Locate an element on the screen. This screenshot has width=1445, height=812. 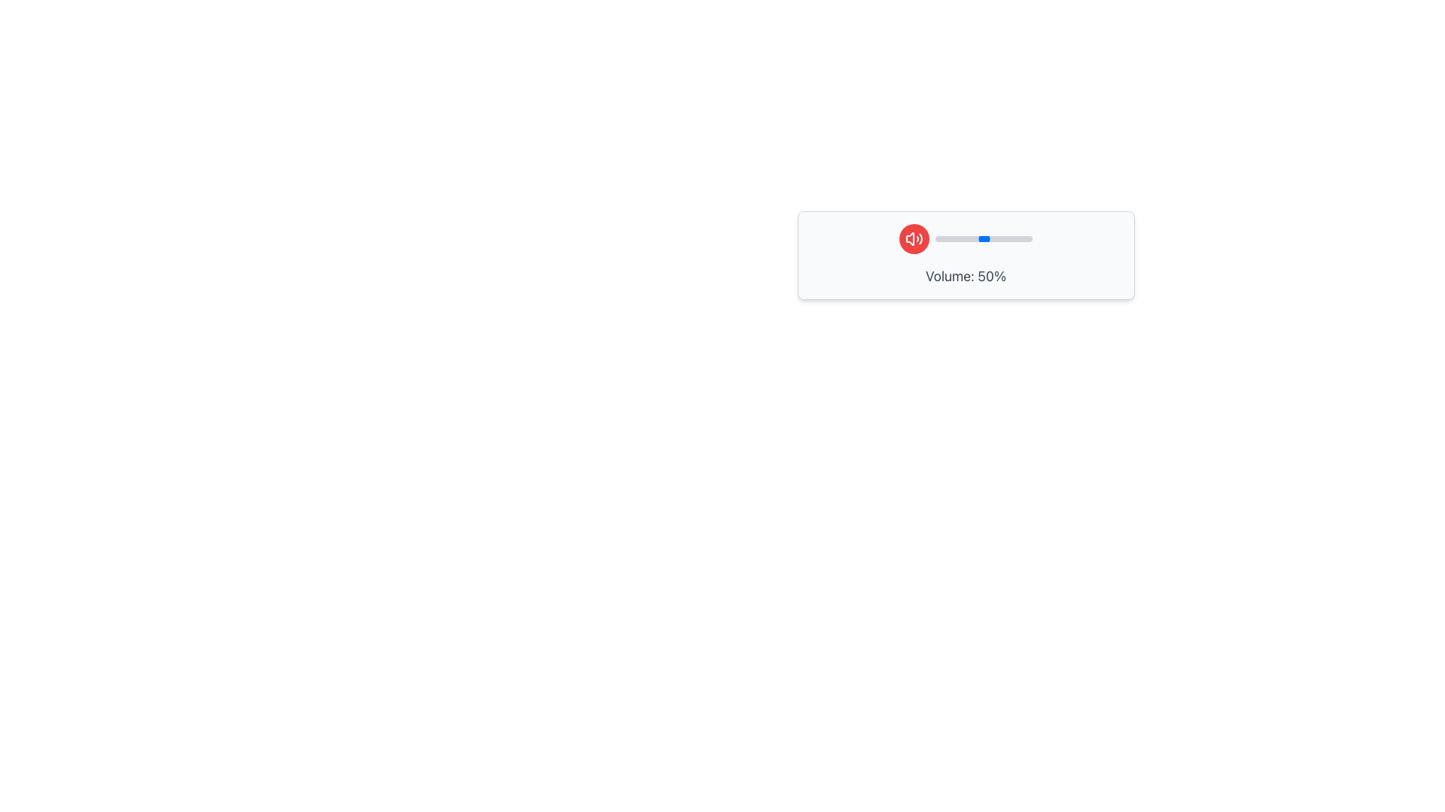
volume is located at coordinates (998, 238).